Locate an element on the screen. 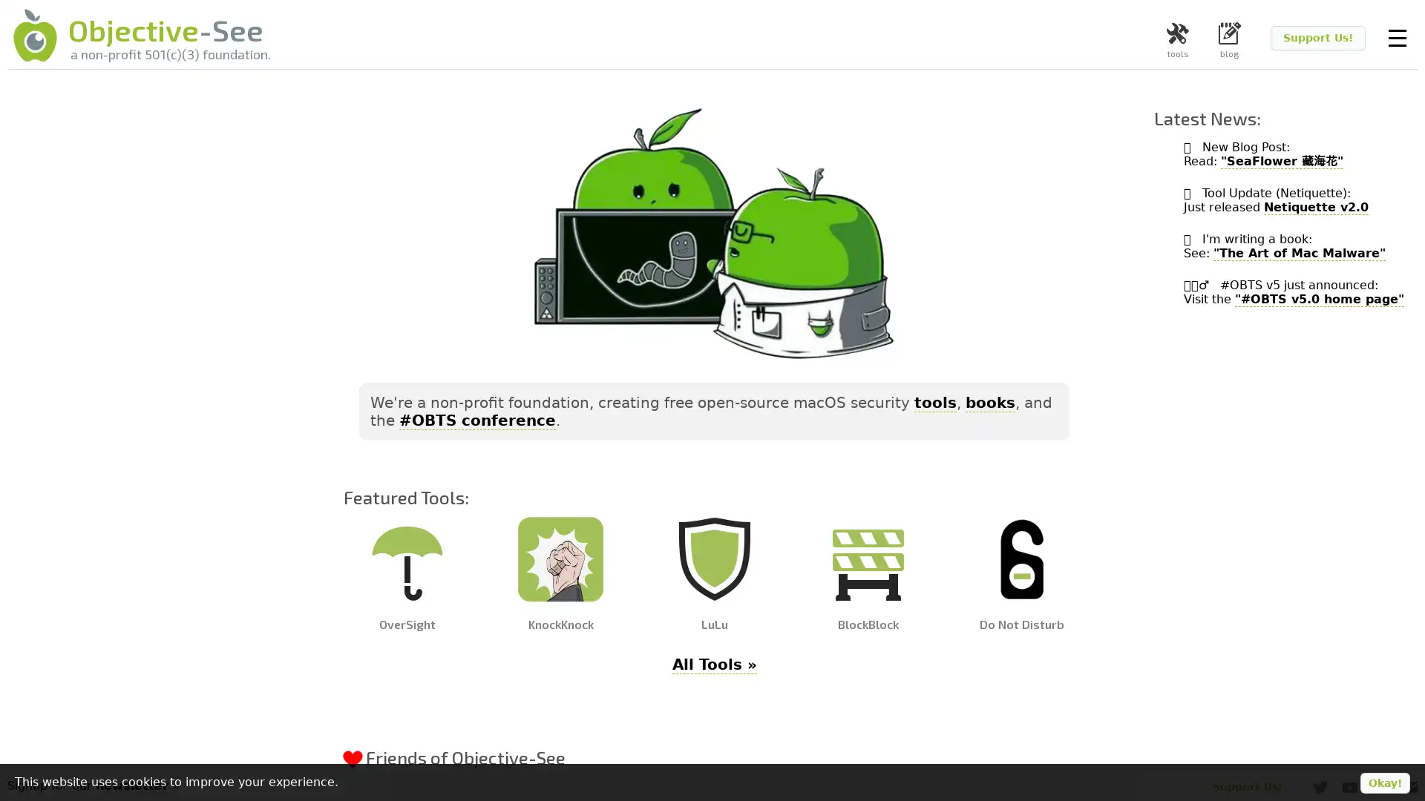 The height and width of the screenshot is (801, 1425). Support Us! is located at coordinates (1247, 785).